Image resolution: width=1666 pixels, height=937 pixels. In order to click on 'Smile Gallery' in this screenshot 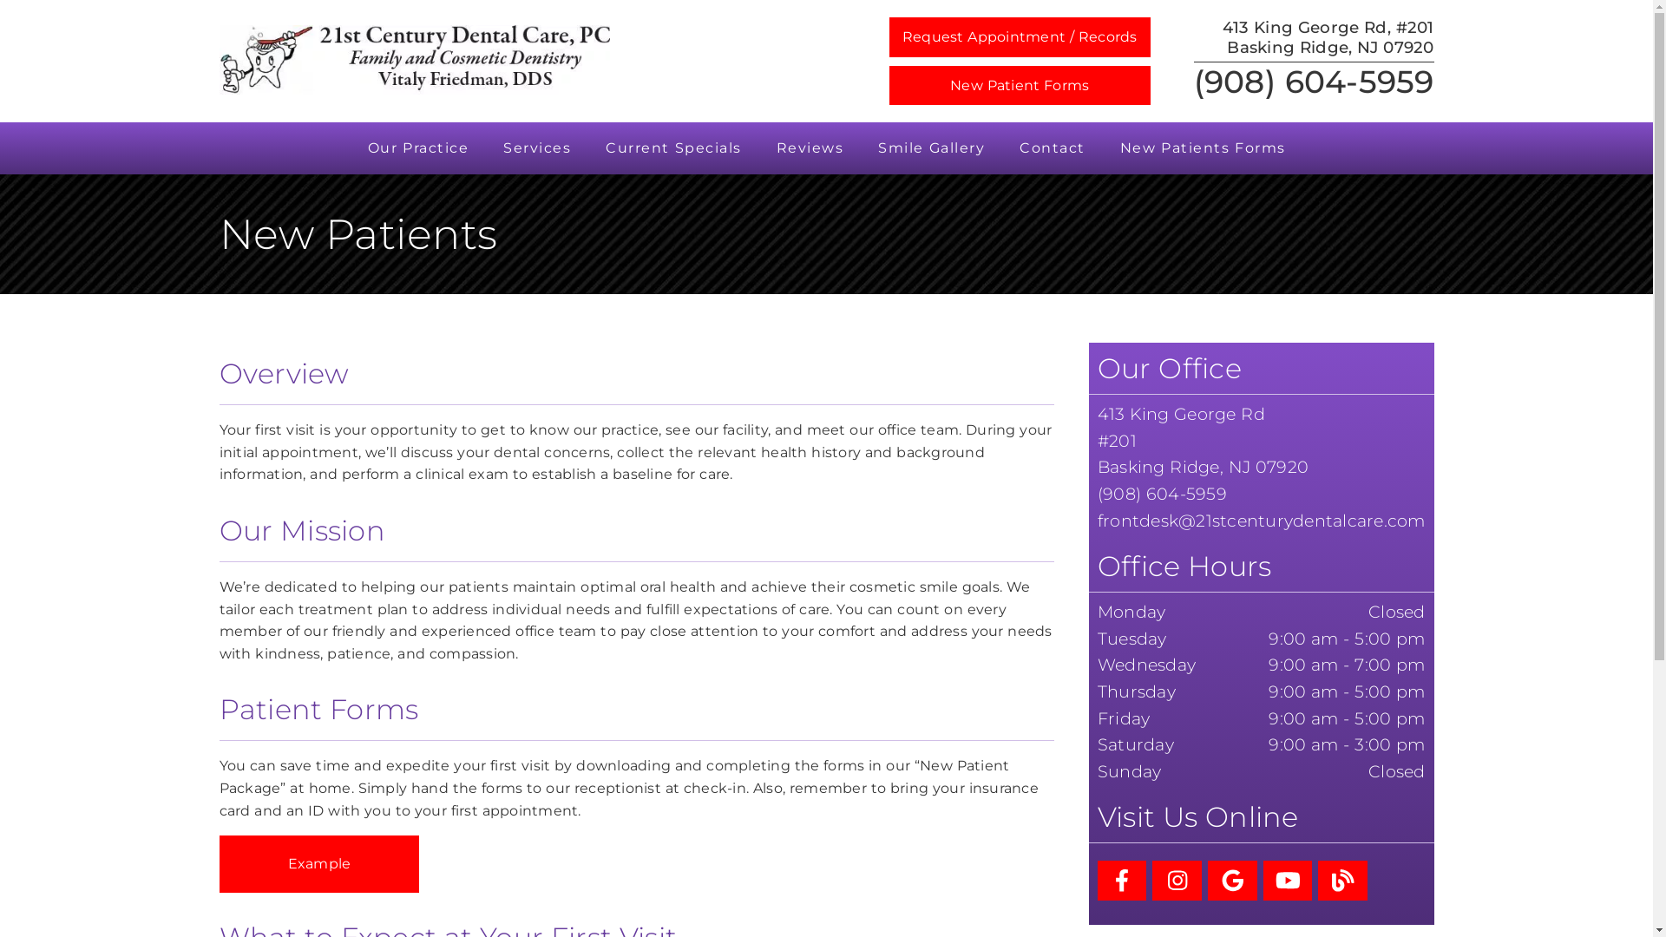, I will do `click(930, 147)`.